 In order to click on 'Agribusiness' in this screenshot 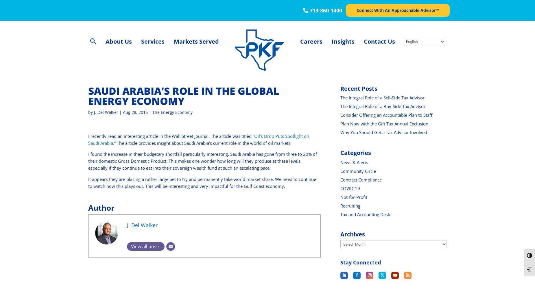, I will do `click(188, 58)`.